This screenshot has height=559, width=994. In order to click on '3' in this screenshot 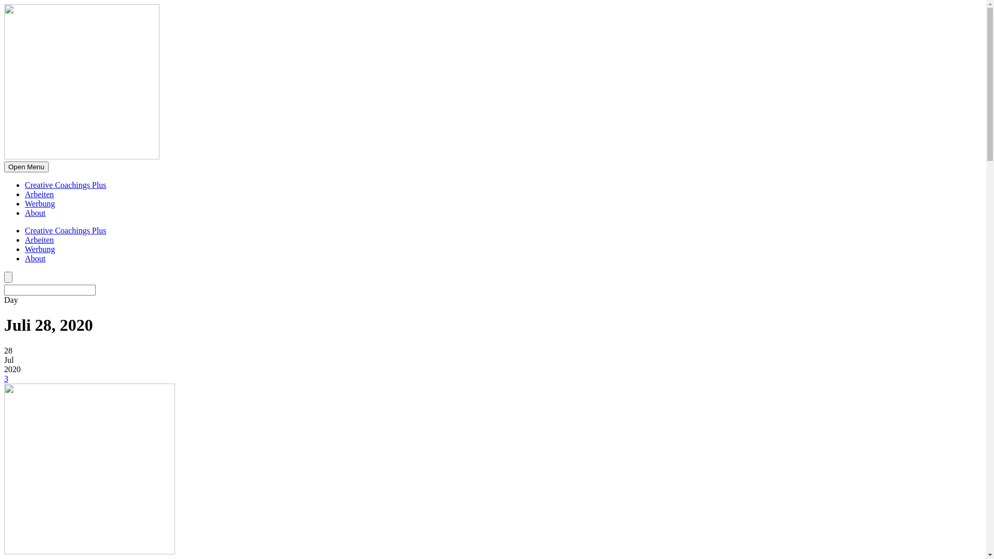, I will do `click(6, 378)`.